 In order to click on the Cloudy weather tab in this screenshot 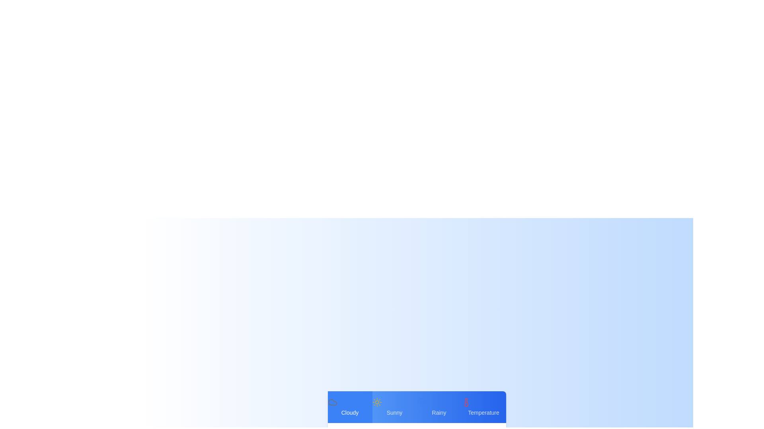, I will do `click(350, 407)`.